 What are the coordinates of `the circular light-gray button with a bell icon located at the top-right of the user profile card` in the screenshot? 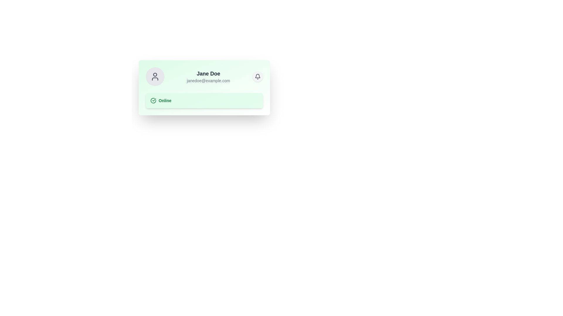 It's located at (257, 76).